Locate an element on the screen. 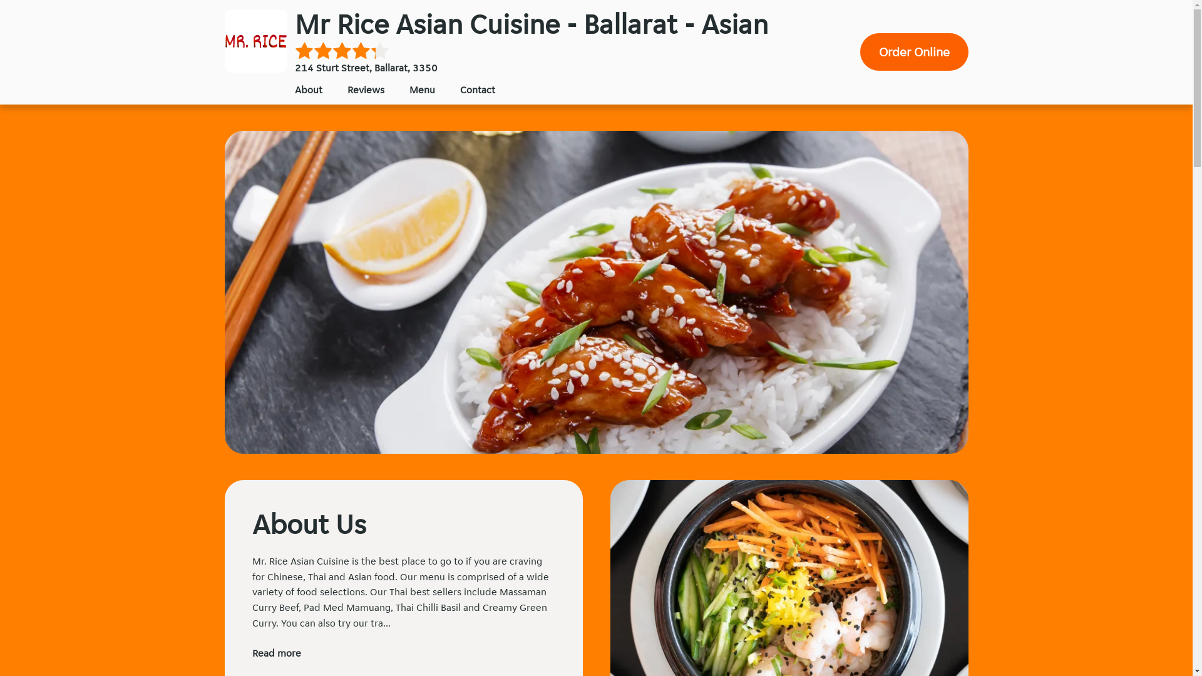 Image resolution: width=1202 pixels, height=676 pixels. 'About' is located at coordinates (307, 89).